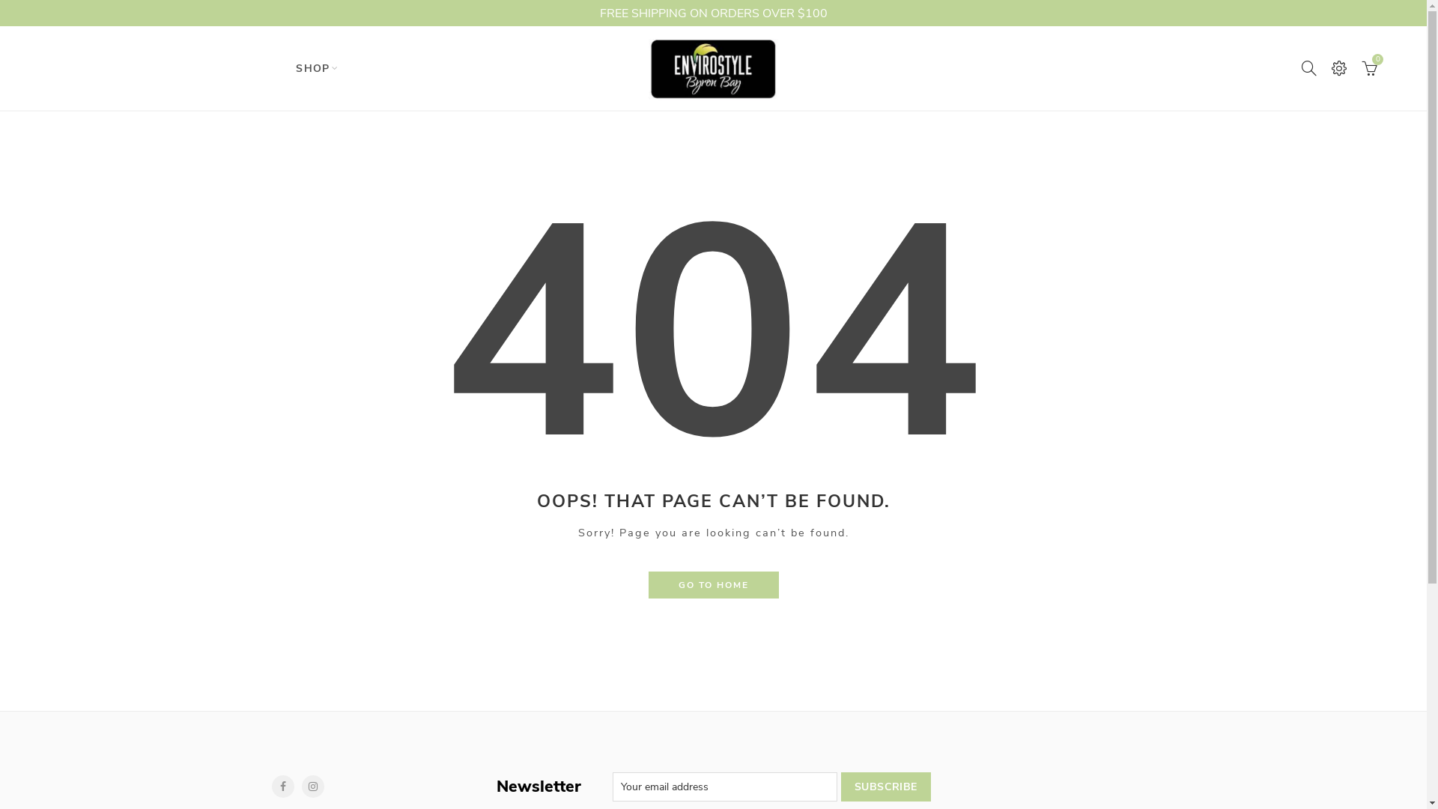 This screenshot has height=809, width=1438. Describe the element at coordinates (648, 584) in the screenshot. I see `'GO TO HOME'` at that location.